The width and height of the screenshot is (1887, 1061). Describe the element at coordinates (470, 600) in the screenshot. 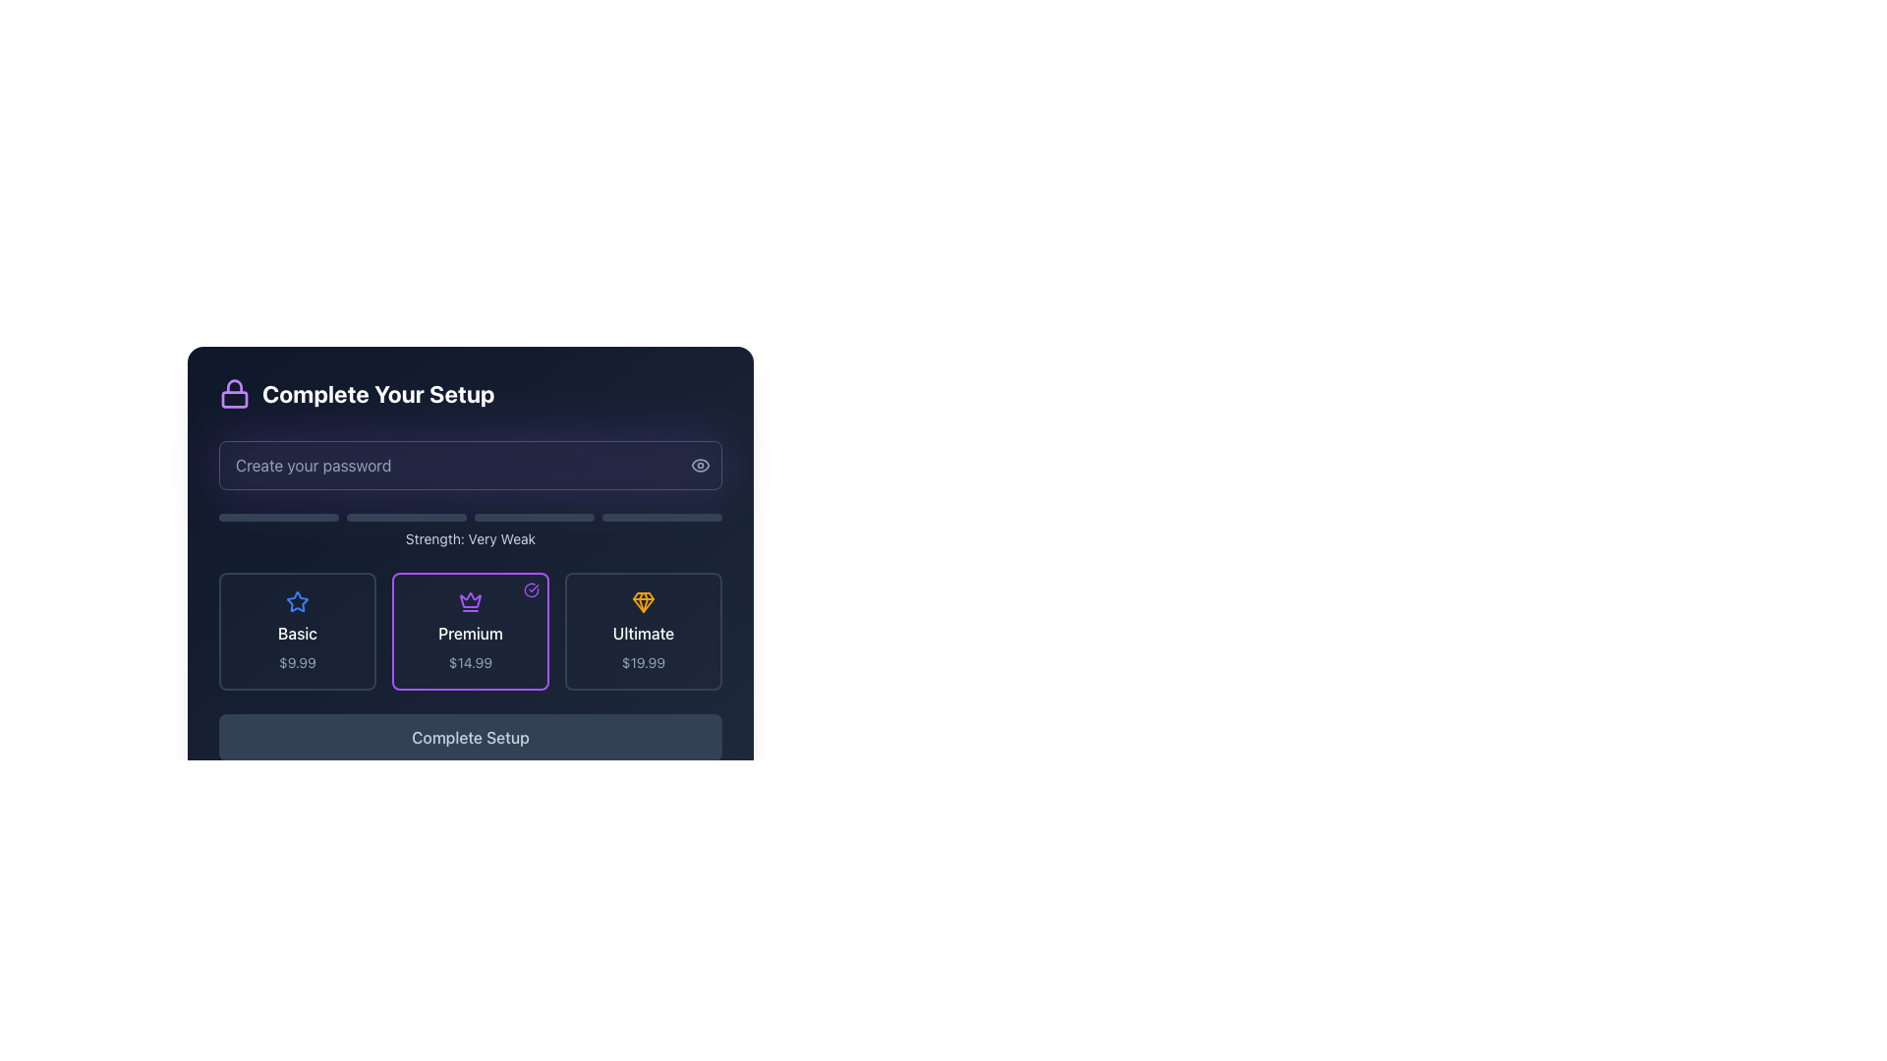

I see `the grouped option selector for pricing tiers located in the 'Complete Your Setup' section` at that location.